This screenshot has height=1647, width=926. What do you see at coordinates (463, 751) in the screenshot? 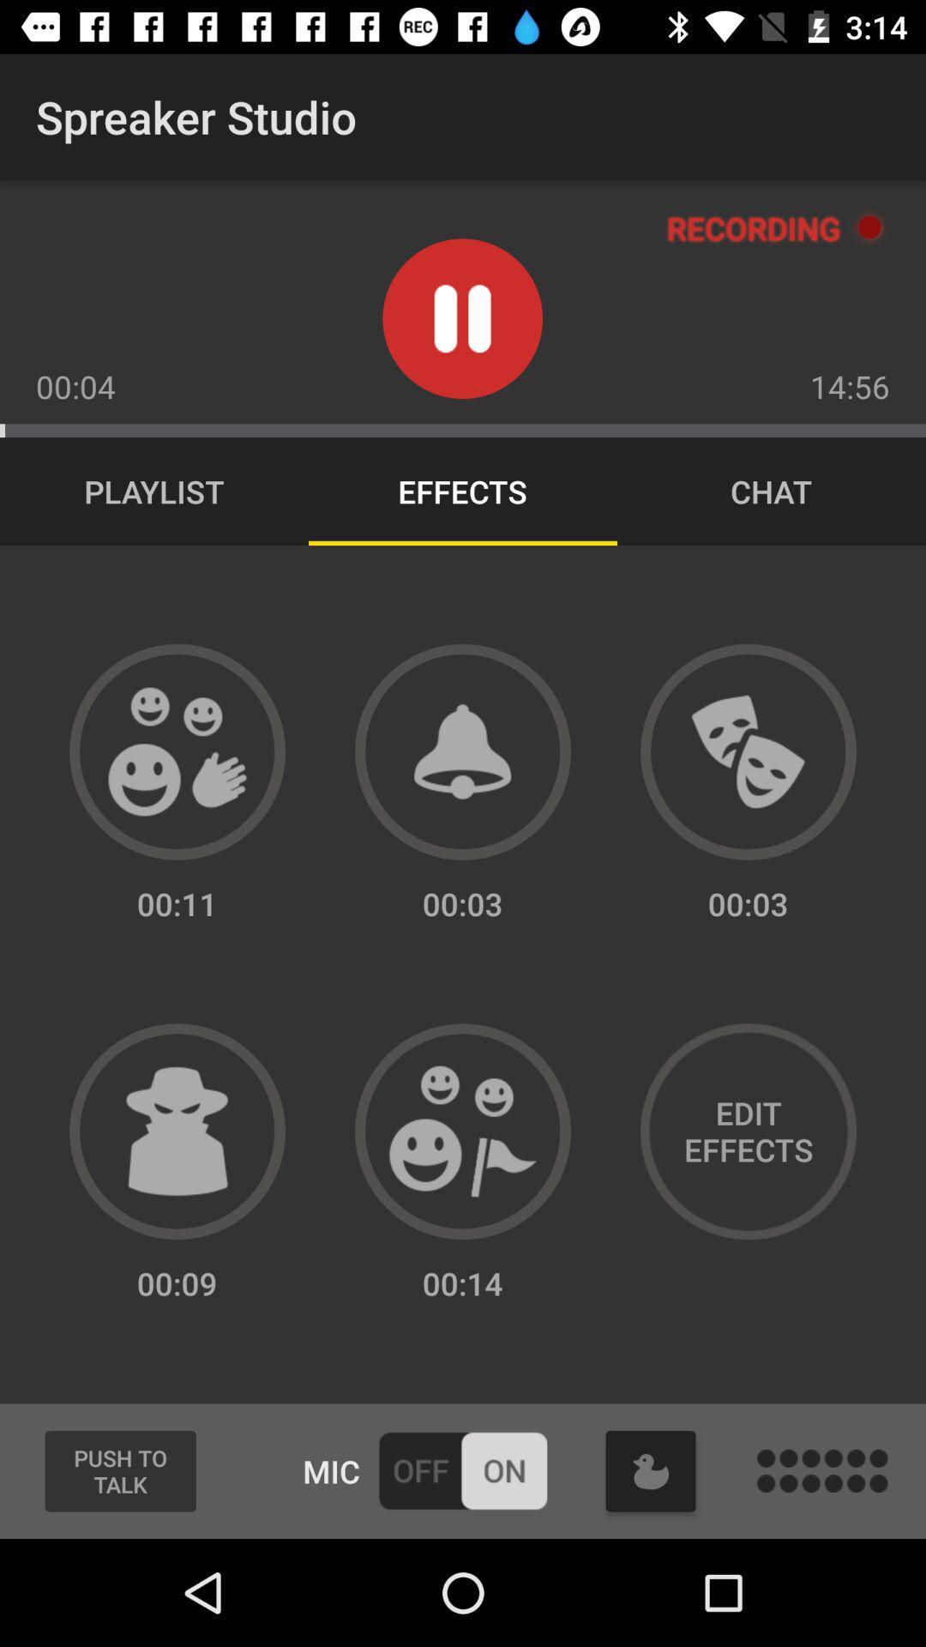
I see `ring bells` at bounding box center [463, 751].